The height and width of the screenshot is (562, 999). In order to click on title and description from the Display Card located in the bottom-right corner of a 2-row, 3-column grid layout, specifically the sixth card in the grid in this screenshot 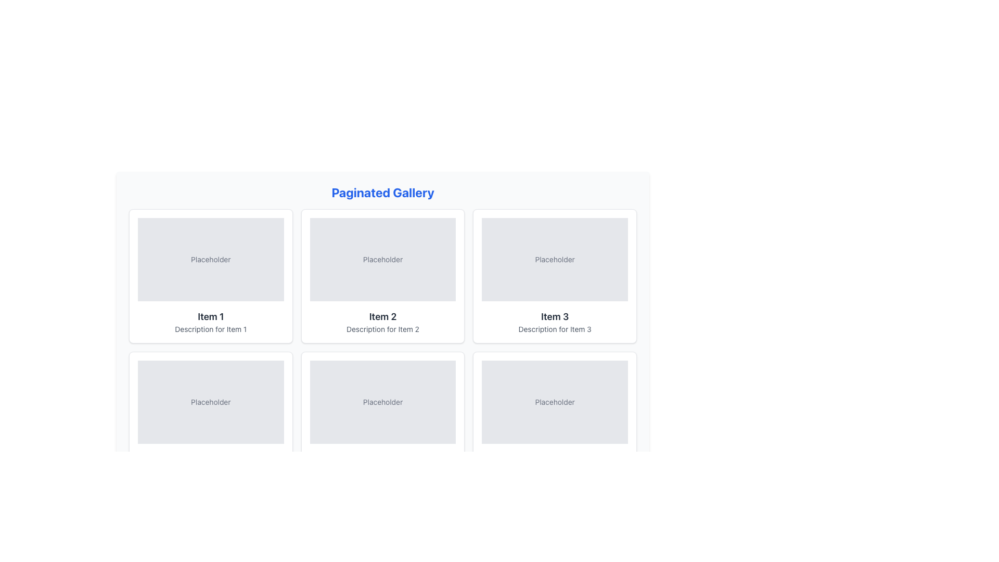, I will do `click(554, 418)`.